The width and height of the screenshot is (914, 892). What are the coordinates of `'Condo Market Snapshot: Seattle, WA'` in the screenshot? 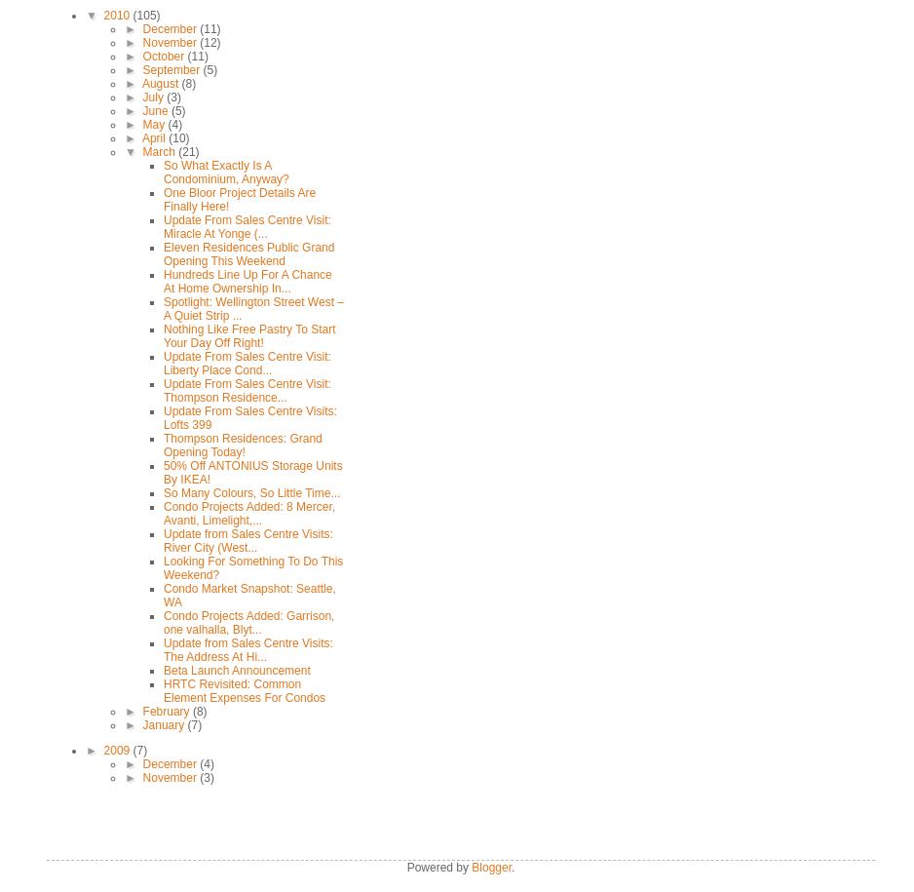 It's located at (248, 595).